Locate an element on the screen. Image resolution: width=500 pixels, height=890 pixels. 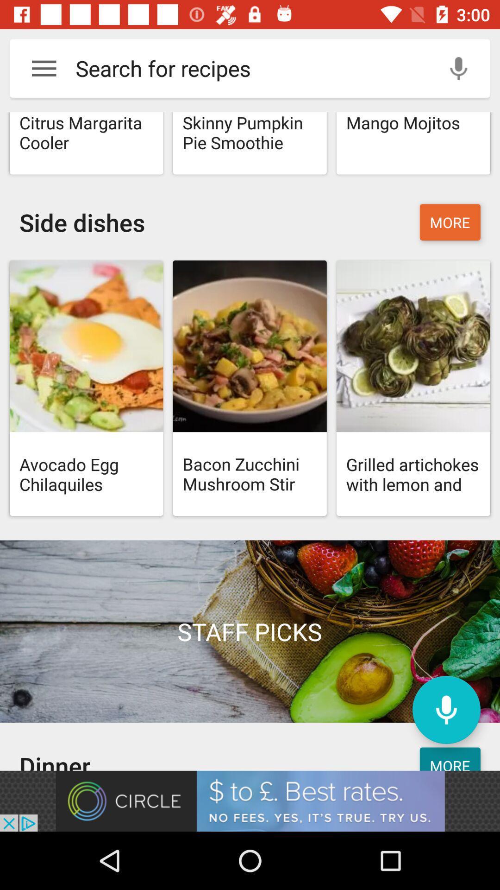
the microphone icon is located at coordinates (458, 68).